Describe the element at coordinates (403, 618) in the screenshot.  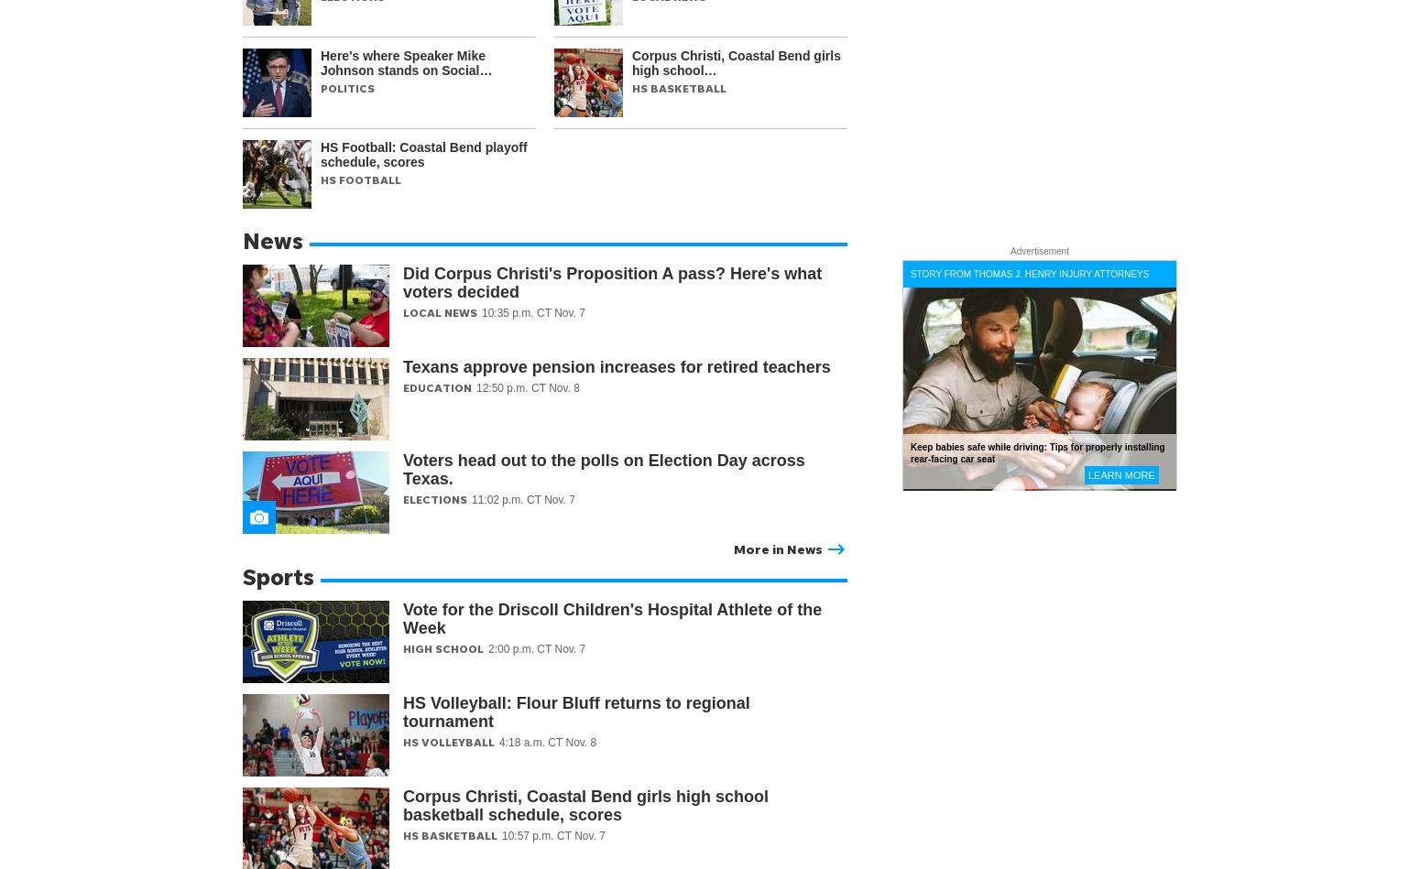
I see `'Vote for the Driscoll Children's Hospital Athlete of the Week'` at that location.